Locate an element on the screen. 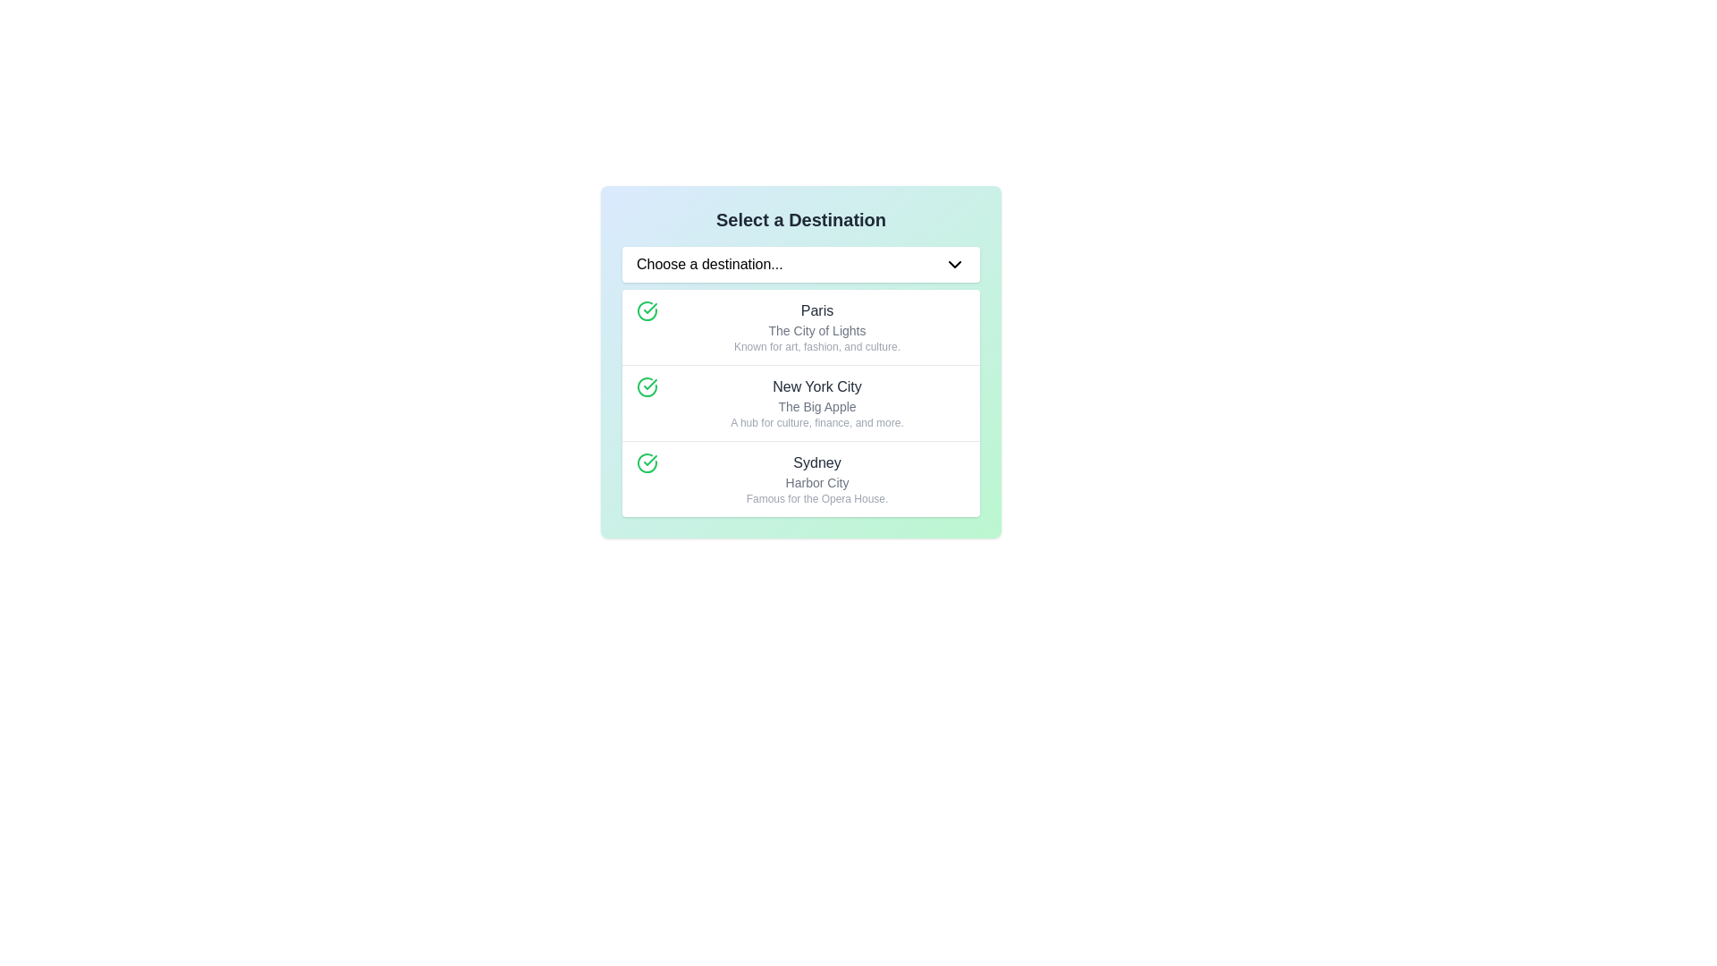 The image size is (1717, 966). the text label displaying 'The City of Lights', which is styled in a small gray font and located under the bold 'Paris' text within a selection card is located at coordinates (816, 331).